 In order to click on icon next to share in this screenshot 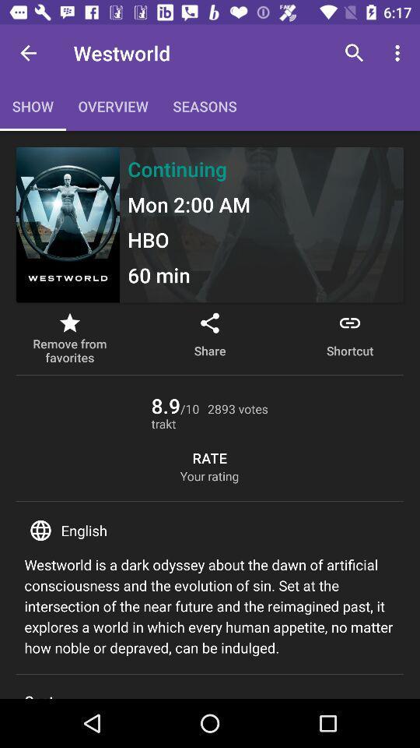, I will do `click(349, 338)`.